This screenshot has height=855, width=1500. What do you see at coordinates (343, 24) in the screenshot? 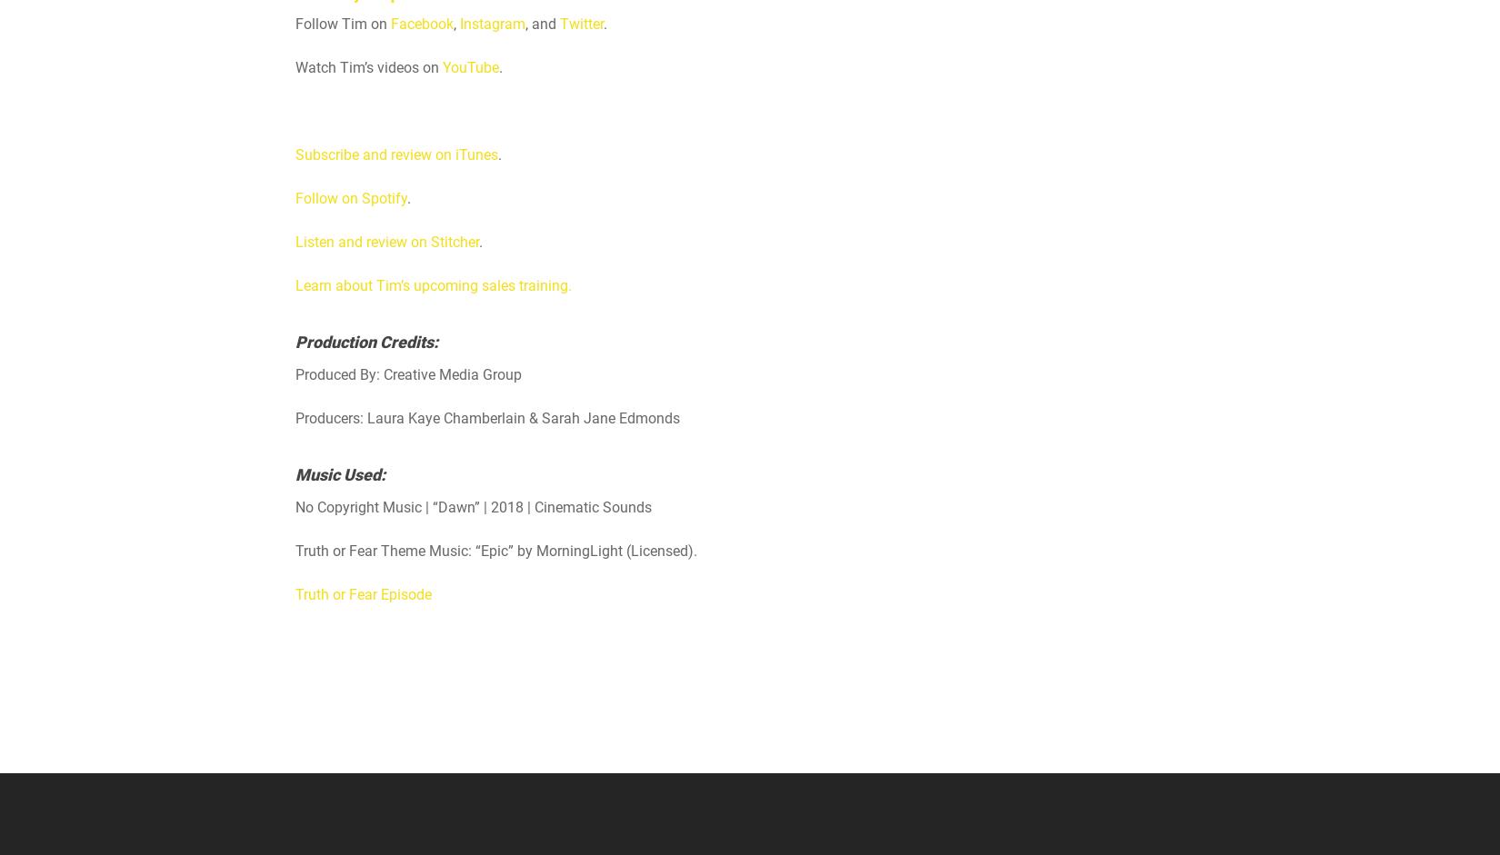
I see `'Follow Tim on'` at bounding box center [343, 24].